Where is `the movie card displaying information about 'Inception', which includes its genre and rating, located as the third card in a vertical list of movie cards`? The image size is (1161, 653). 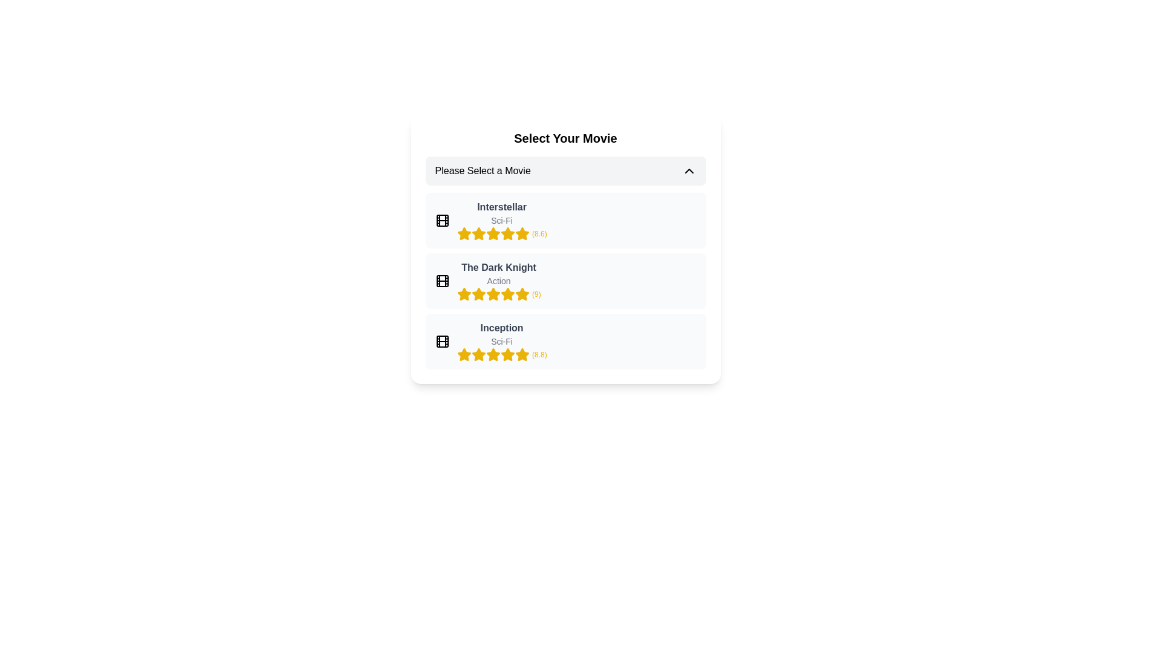
the movie card displaying information about 'Inception', which includes its genre and rating, located as the third card in a vertical list of movie cards is located at coordinates (565, 341).